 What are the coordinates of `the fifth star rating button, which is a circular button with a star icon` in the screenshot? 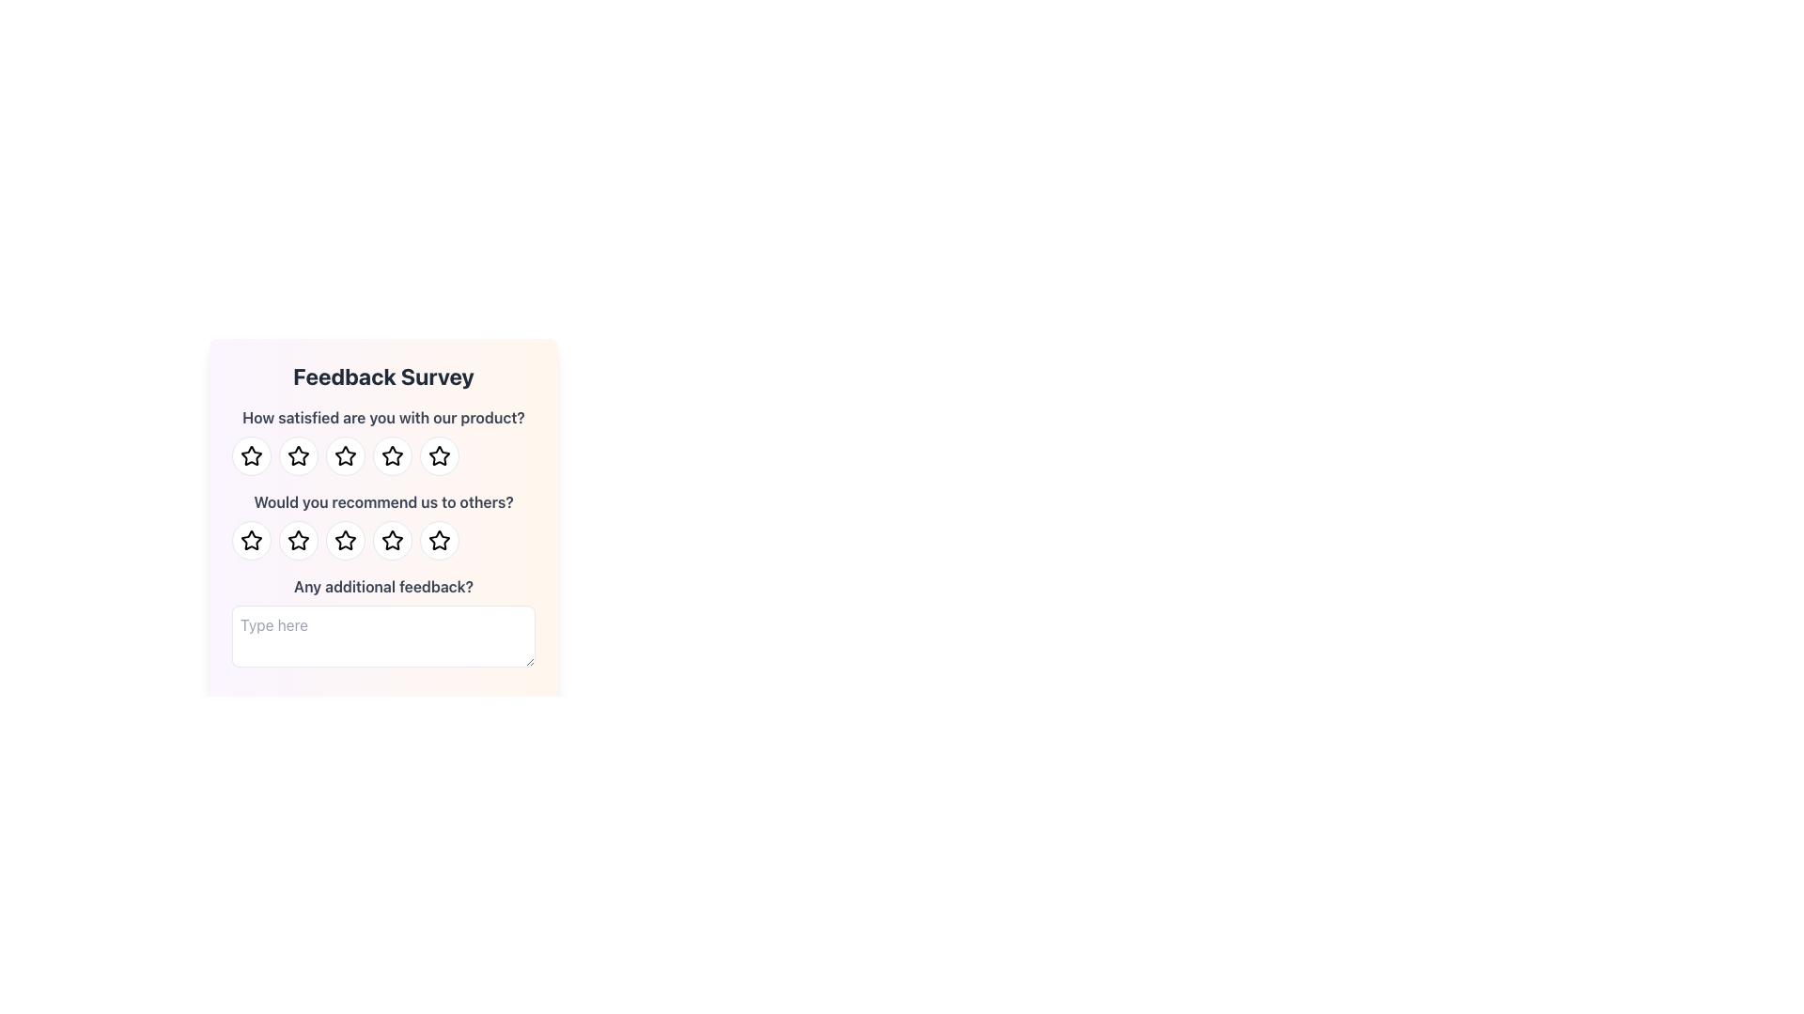 It's located at (391, 456).